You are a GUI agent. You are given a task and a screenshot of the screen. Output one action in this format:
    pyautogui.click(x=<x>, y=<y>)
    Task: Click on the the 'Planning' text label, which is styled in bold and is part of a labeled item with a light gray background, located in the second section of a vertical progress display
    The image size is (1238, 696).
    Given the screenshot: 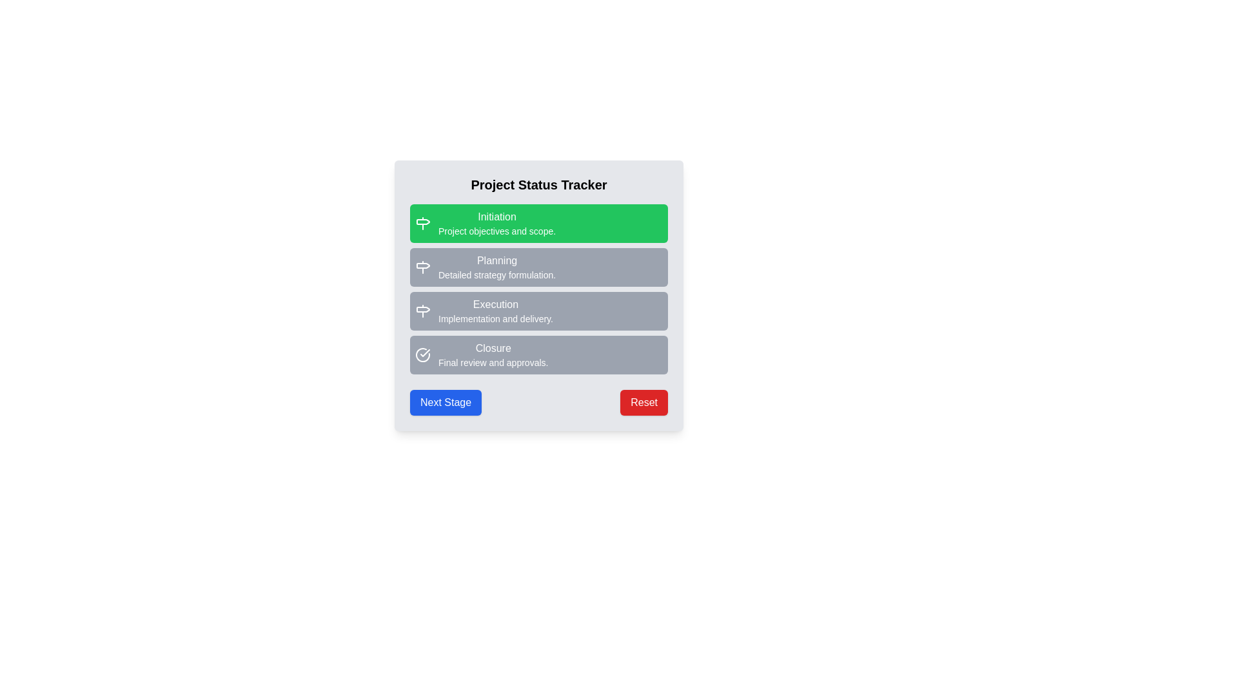 What is the action you would take?
    pyautogui.click(x=496, y=261)
    